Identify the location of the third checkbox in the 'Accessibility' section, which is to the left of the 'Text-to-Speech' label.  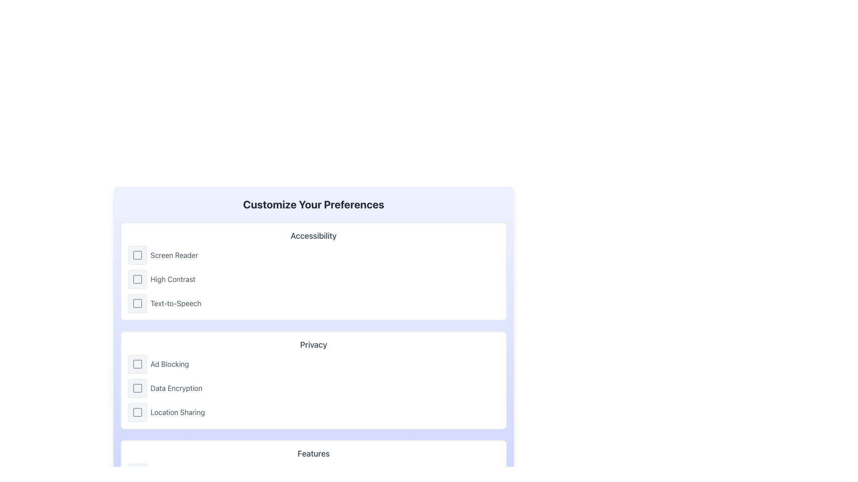
(137, 303).